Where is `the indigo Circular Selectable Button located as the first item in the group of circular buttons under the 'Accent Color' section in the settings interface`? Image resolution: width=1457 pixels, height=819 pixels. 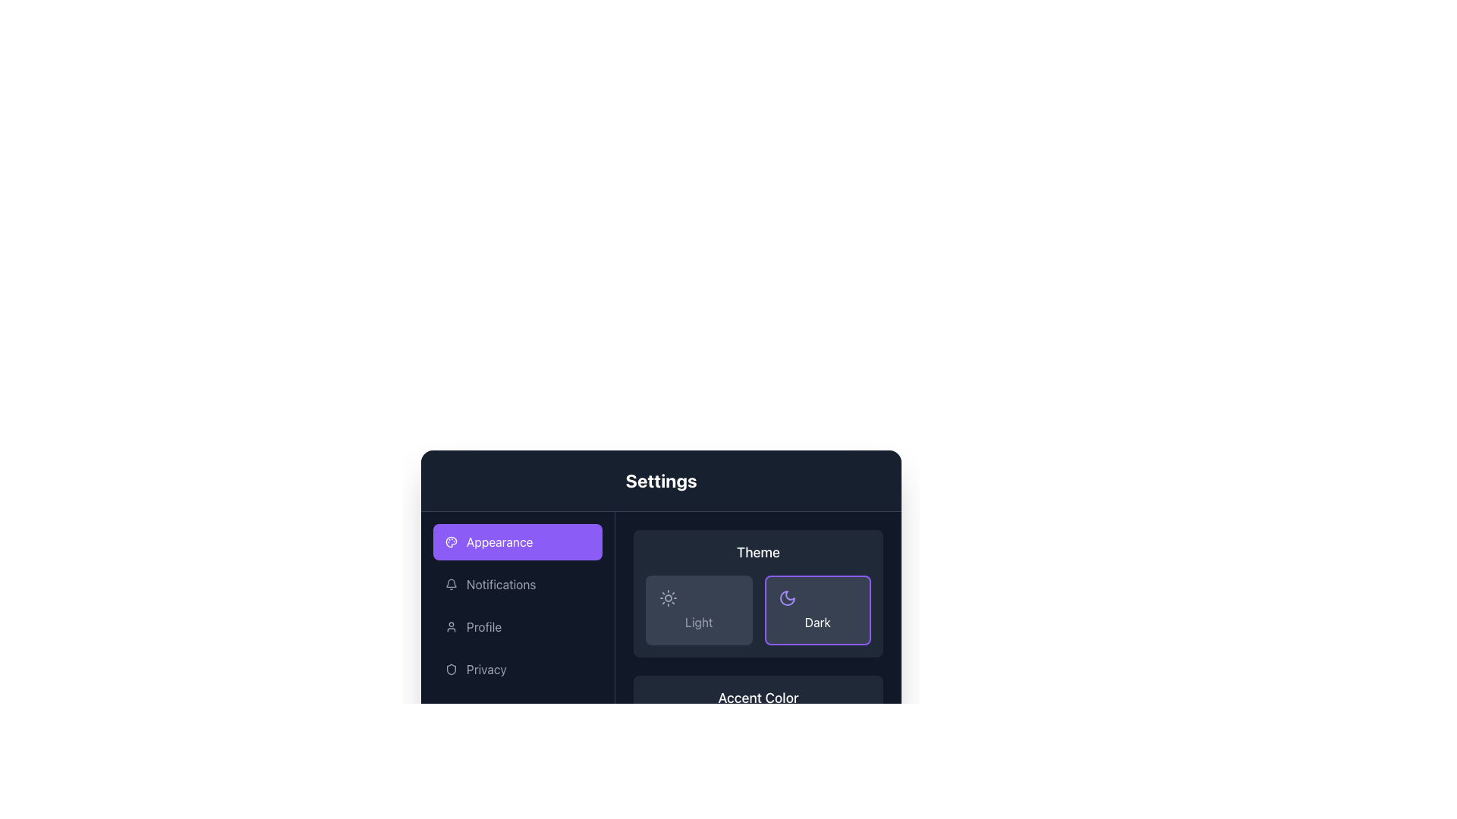 the indigo Circular Selectable Button located as the first item in the group of circular buttons under the 'Accent Color' section in the settings interface is located at coordinates (660, 736).